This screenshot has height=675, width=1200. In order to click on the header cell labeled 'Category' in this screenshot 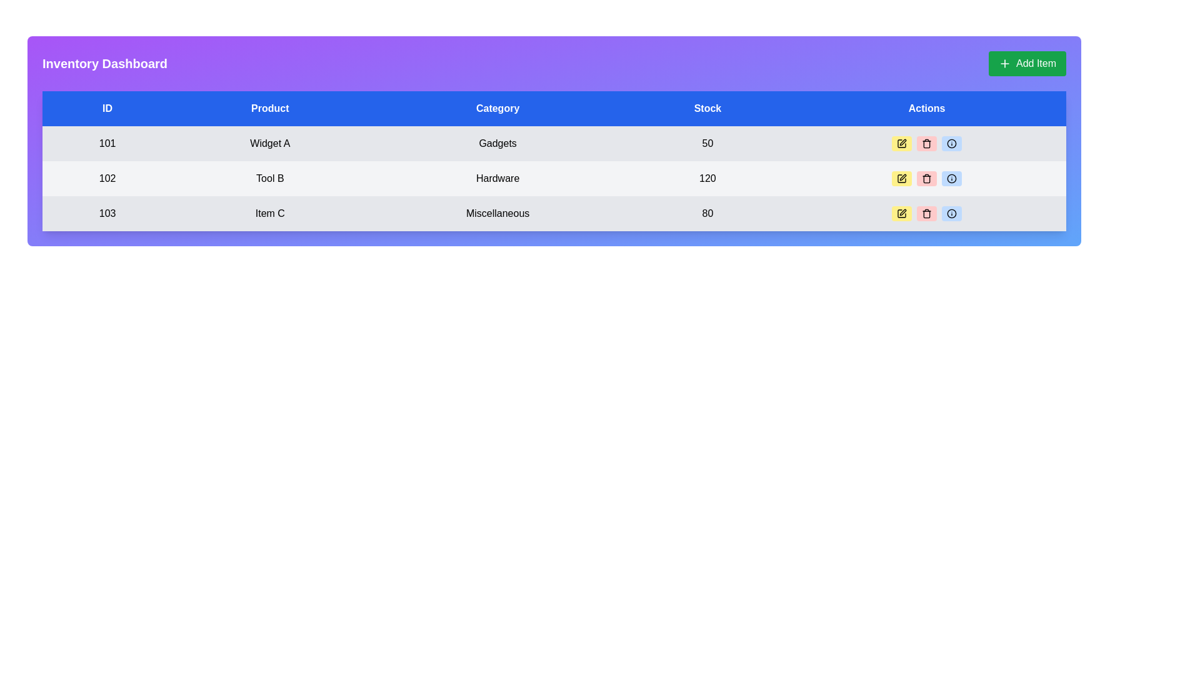, I will do `click(497, 107)`.